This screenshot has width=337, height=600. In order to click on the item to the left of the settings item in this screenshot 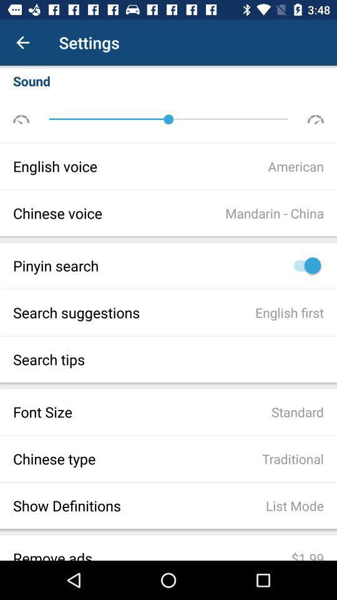, I will do `click(22, 42)`.